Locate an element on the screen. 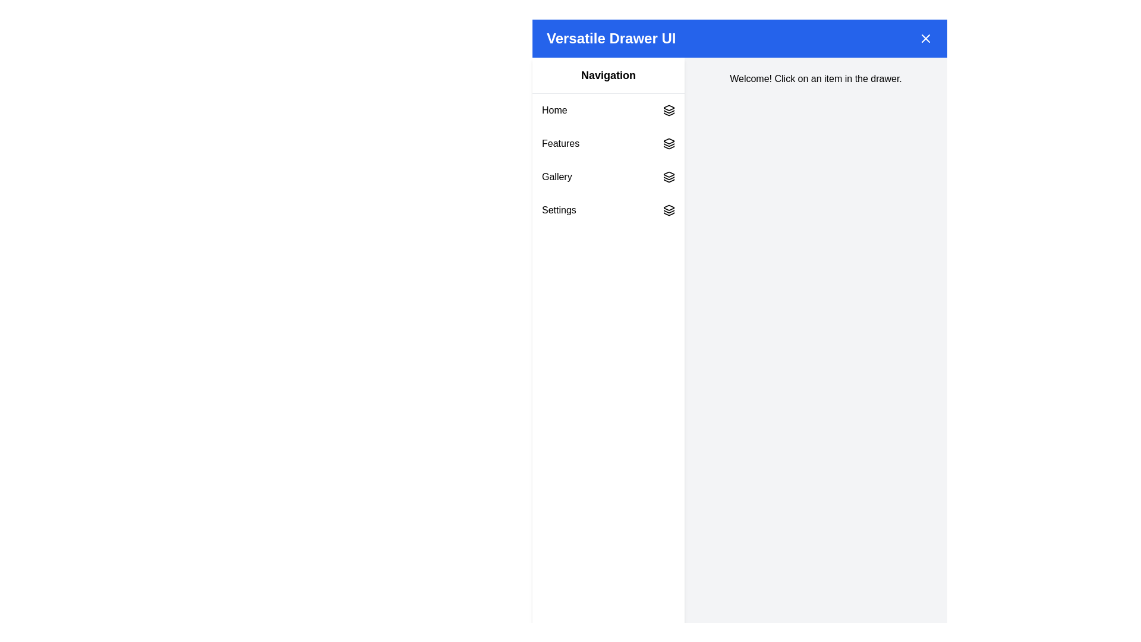  the vertically-oriented navigation menu at the specified coordinates is located at coordinates (608, 160).